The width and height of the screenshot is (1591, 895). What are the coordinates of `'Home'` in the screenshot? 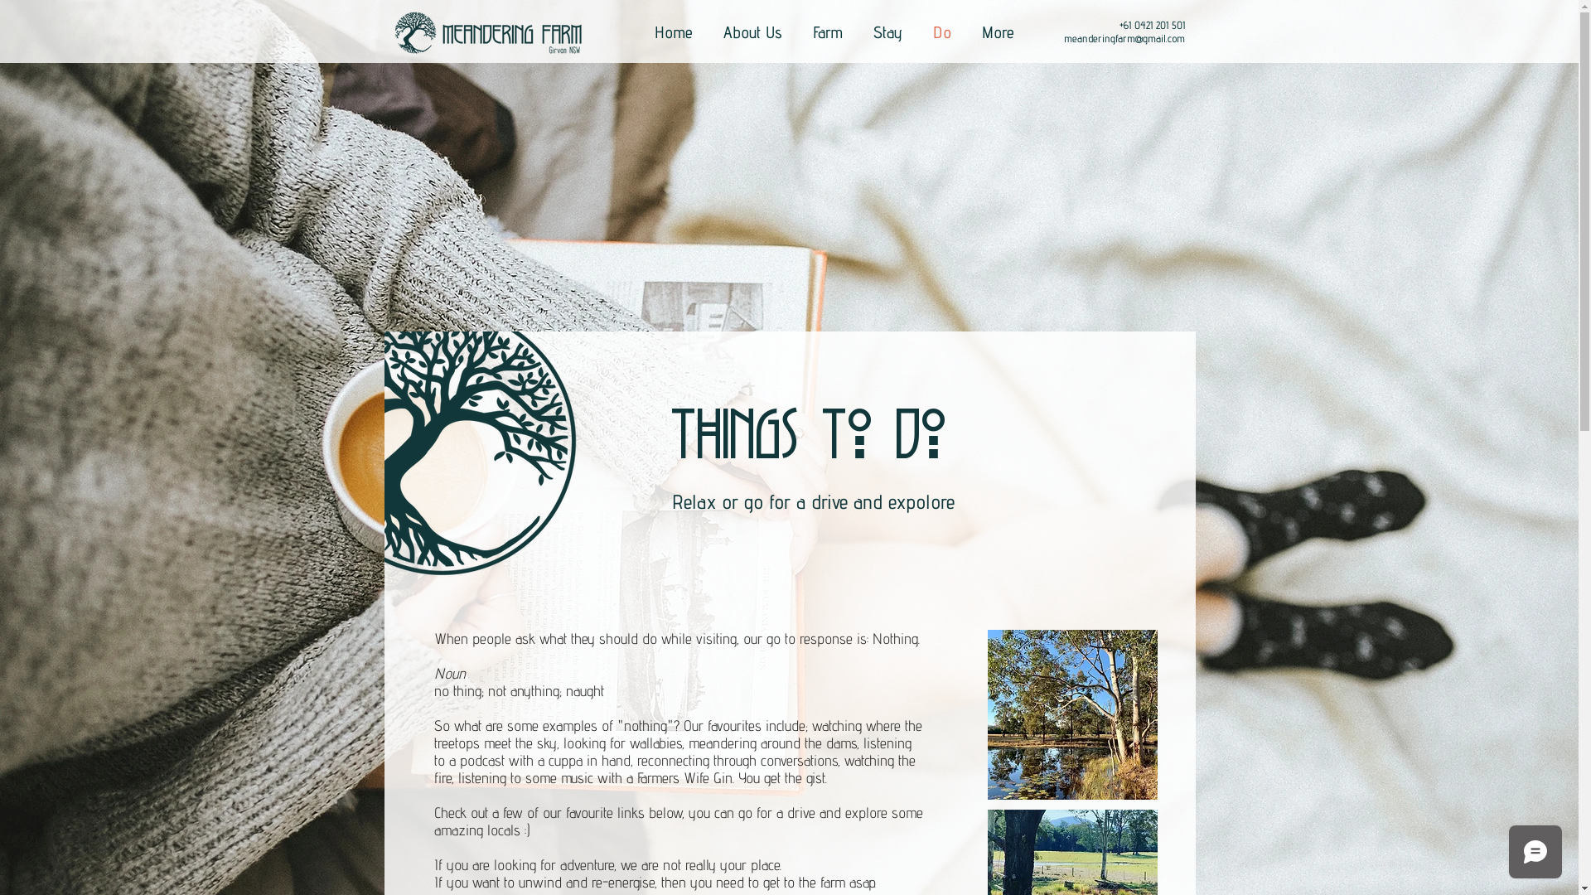 It's located at (639, 32).